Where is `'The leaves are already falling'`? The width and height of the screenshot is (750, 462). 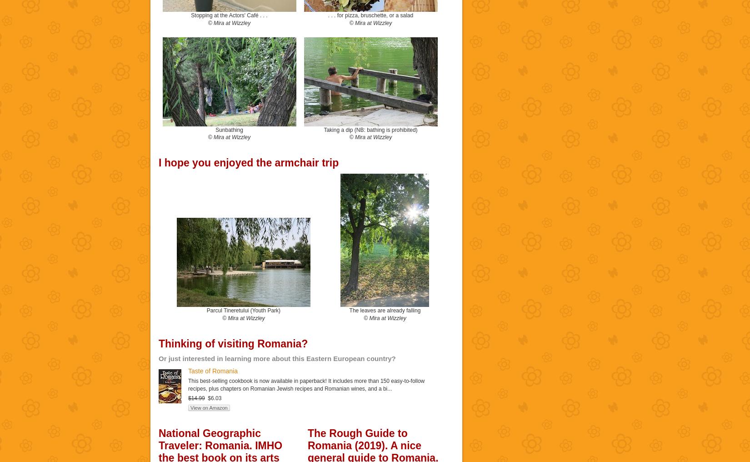
'The leaves are already falling' is located at coordinates (385, 310).